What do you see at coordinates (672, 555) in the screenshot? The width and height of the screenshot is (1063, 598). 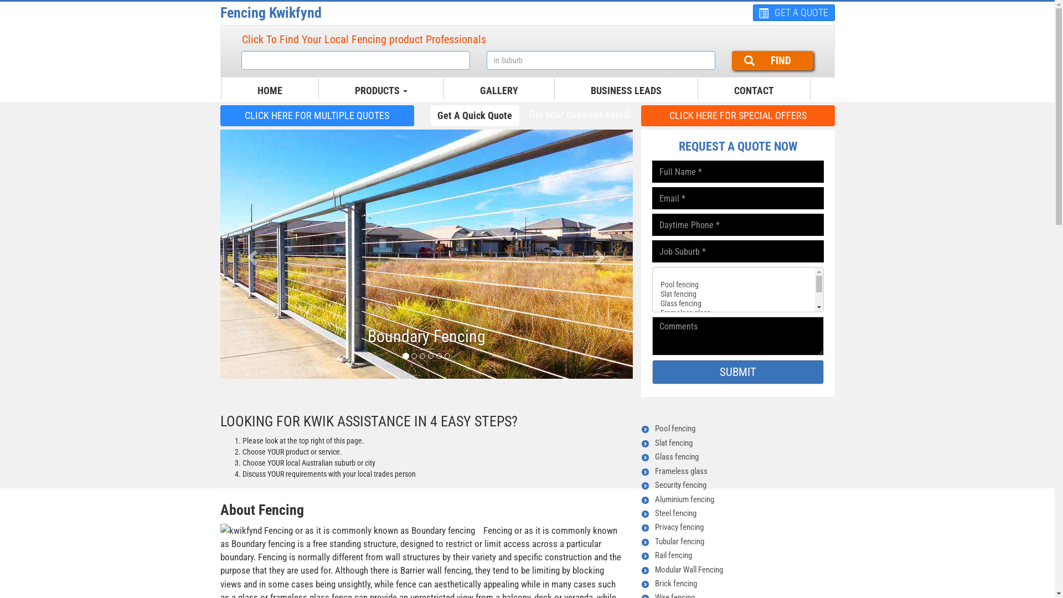 I see `'Rail fencing'` at bounding box center [672, 555].